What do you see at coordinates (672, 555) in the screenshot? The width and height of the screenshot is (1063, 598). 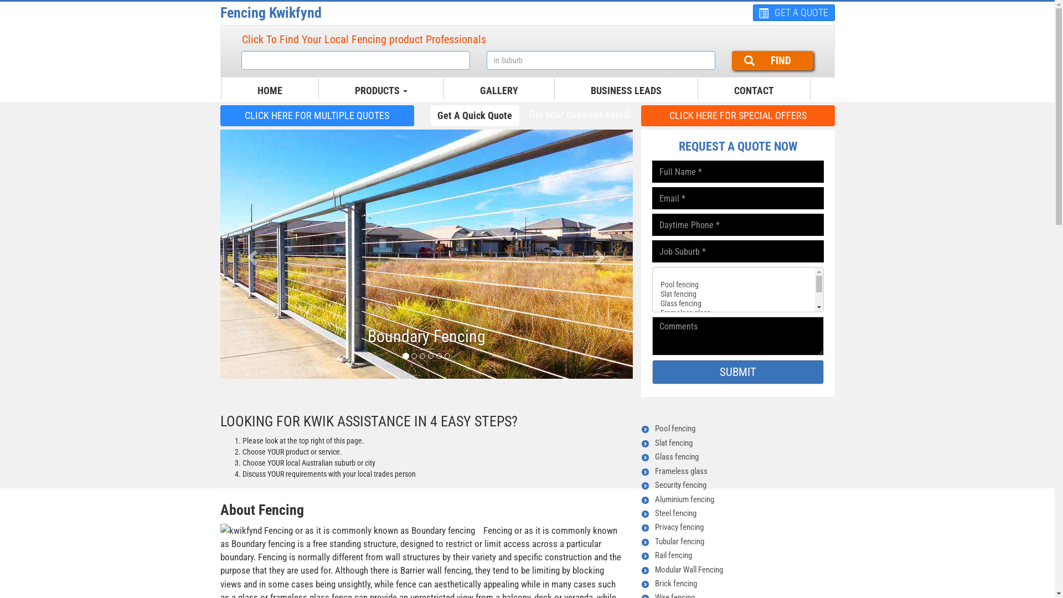 I see `'Rail fencing'` at bounding box center [672, 555].